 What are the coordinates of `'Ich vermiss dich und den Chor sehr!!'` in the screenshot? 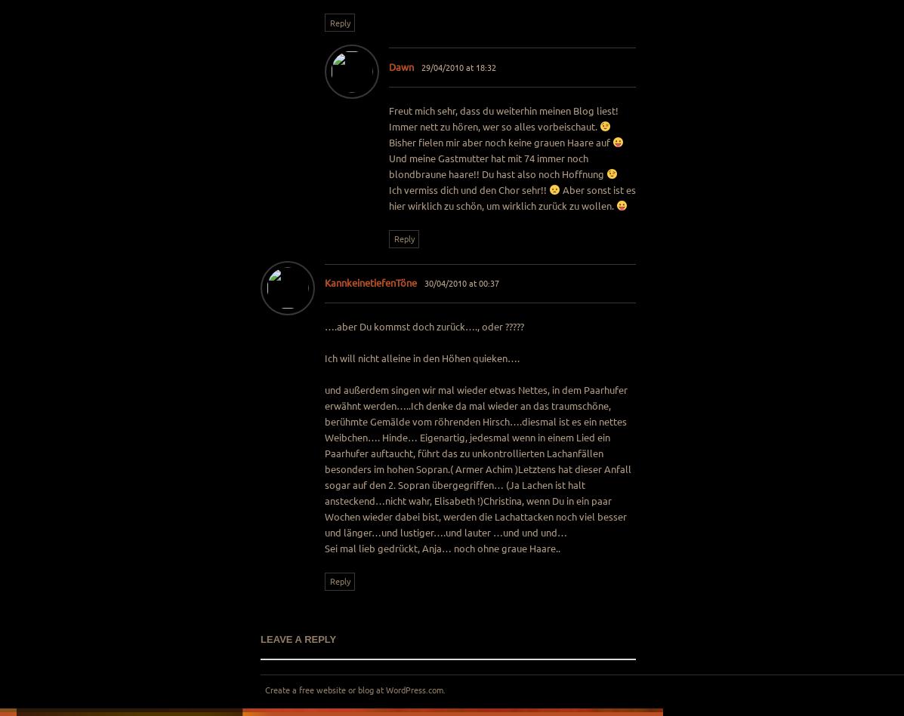 It's located at (468, 188).